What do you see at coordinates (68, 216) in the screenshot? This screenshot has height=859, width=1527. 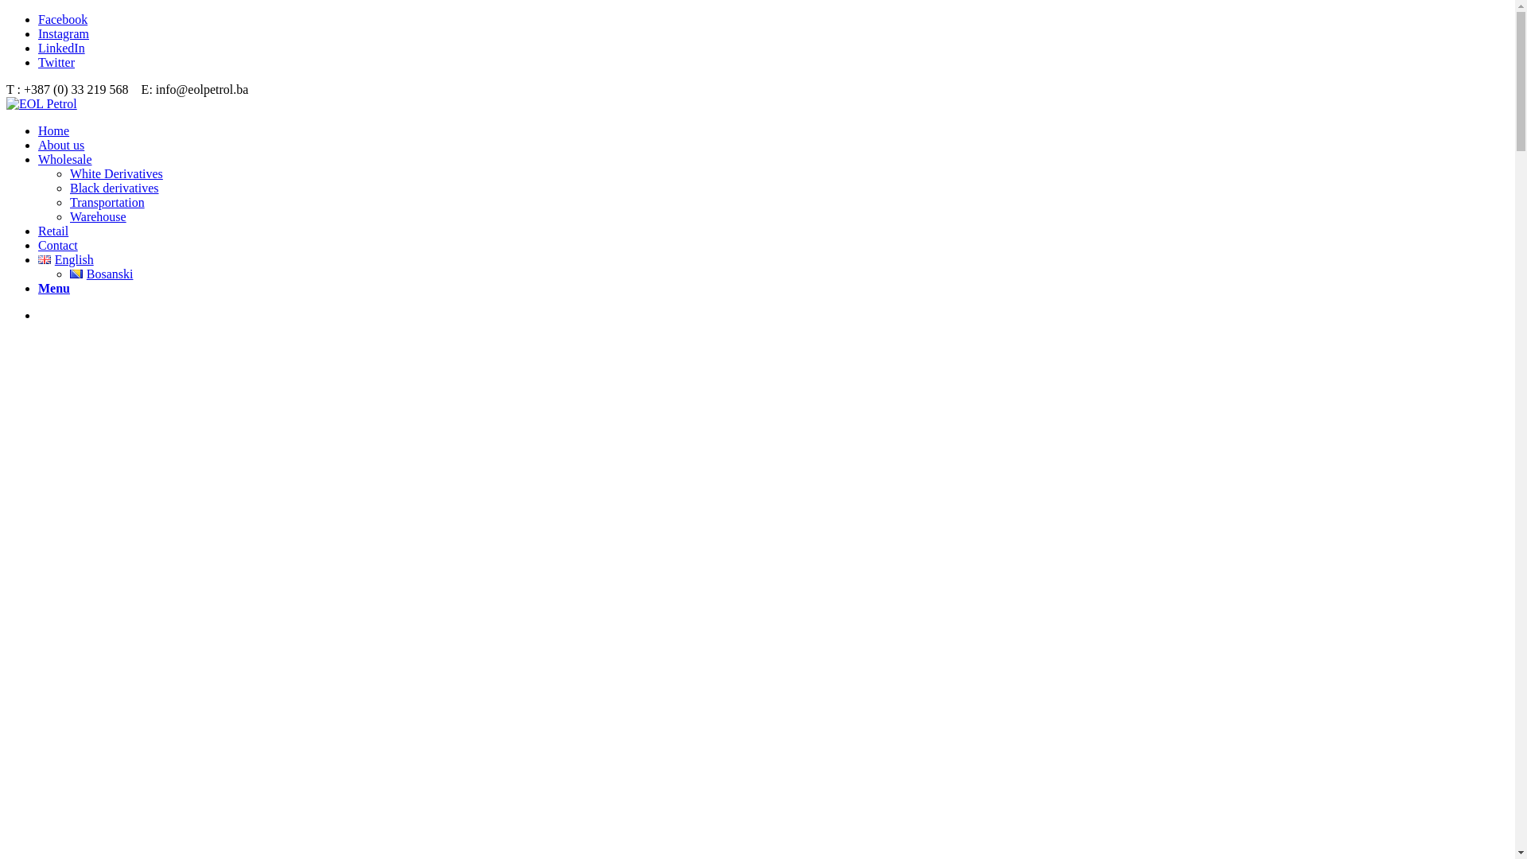 I see `'Warehouse'` at bounding box center [68, 216].